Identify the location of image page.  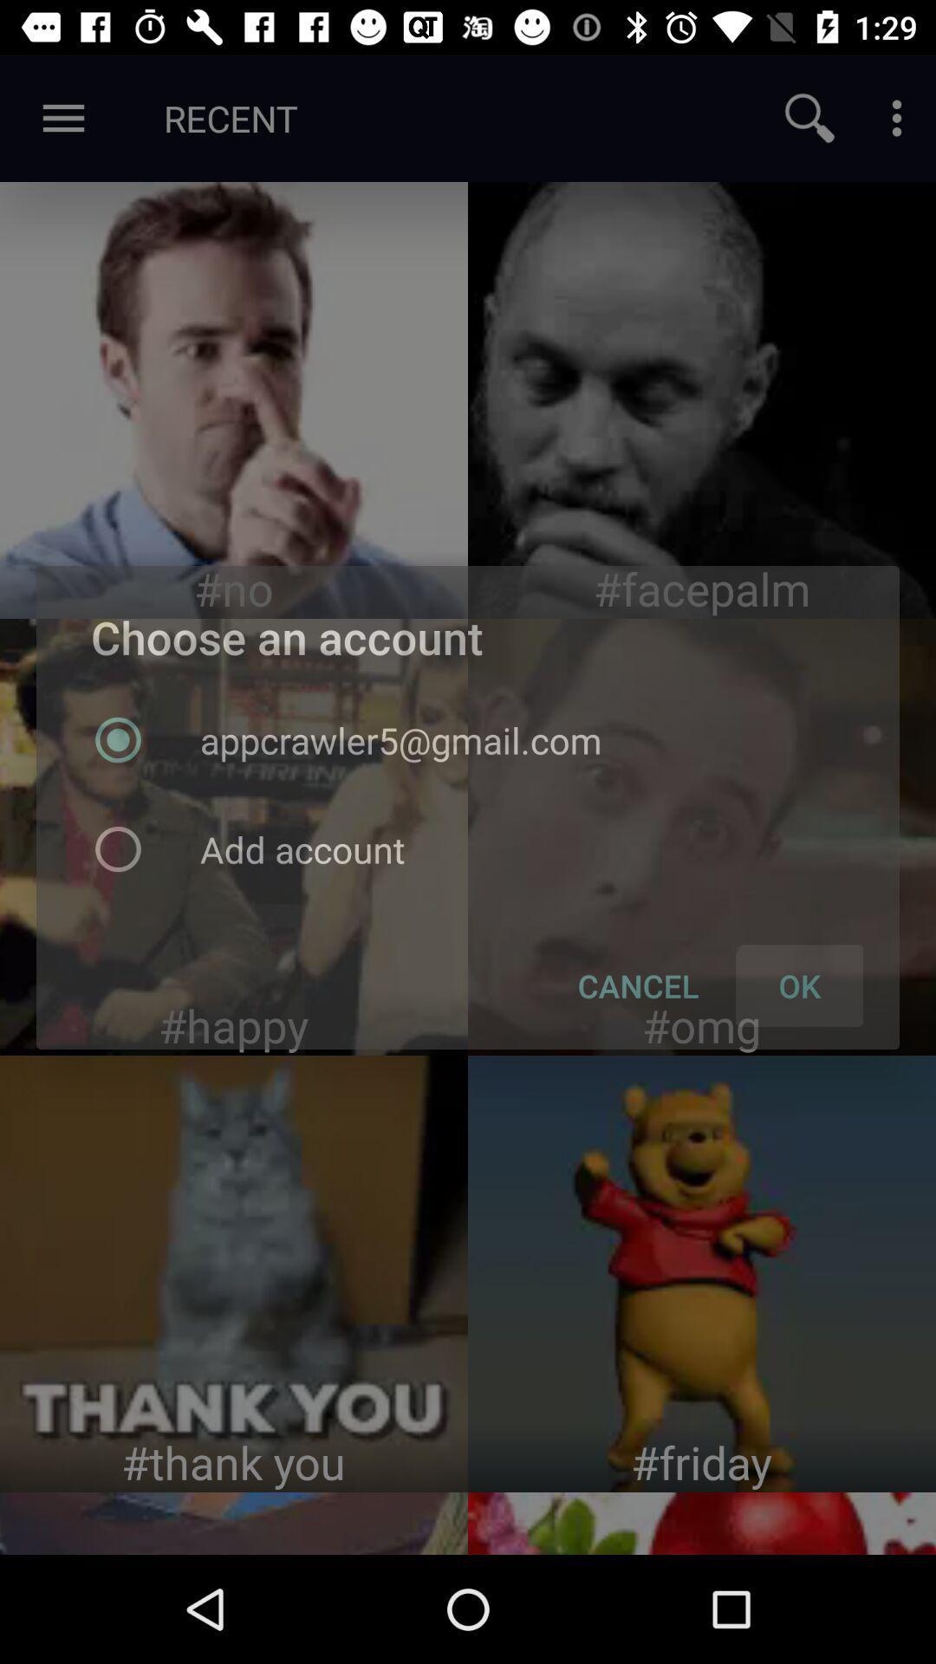
(234, 399).